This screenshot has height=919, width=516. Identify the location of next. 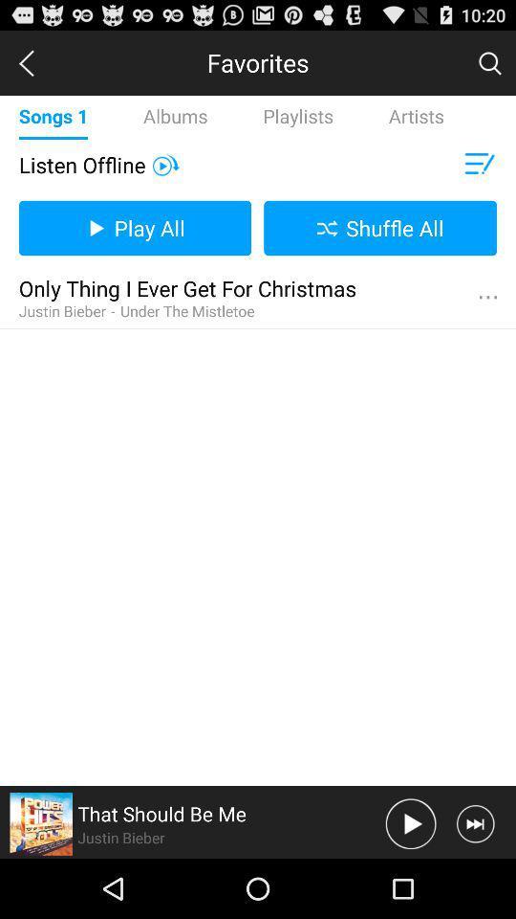
(474, 822).